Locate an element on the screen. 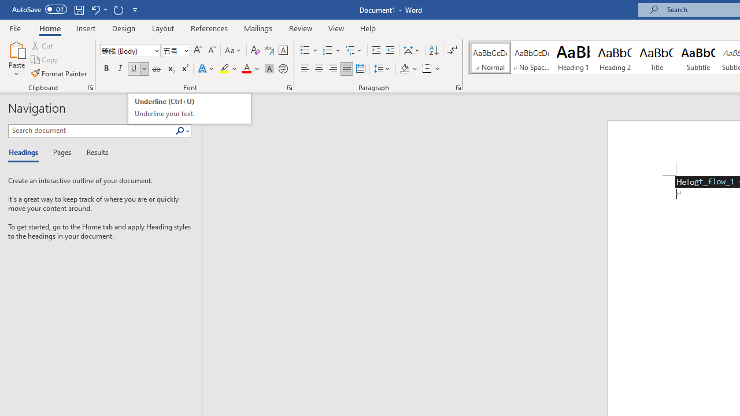  'Undo Underline Style' is located at coordinates (98, 9).